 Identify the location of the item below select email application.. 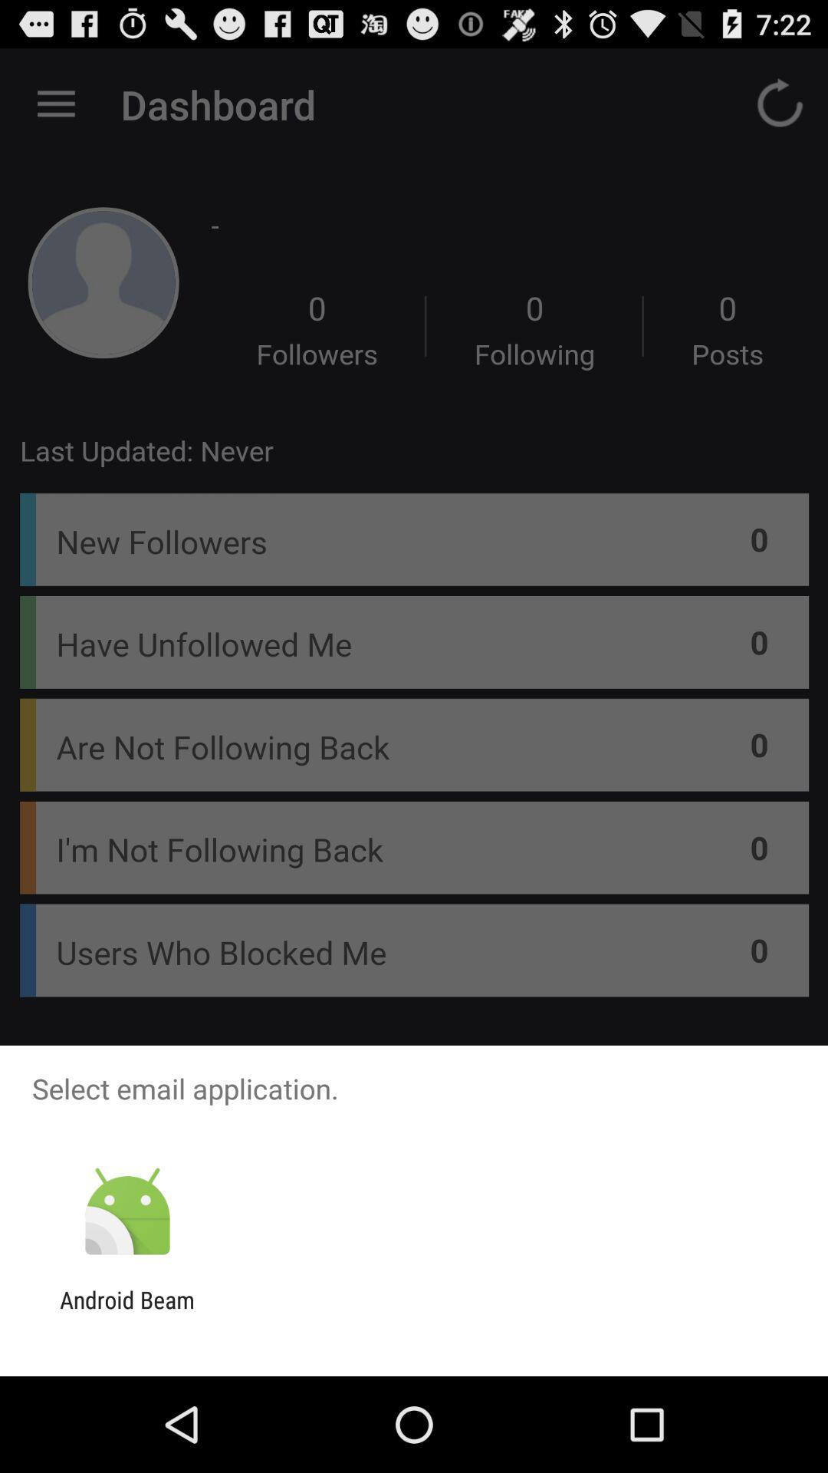
(127, 1211).